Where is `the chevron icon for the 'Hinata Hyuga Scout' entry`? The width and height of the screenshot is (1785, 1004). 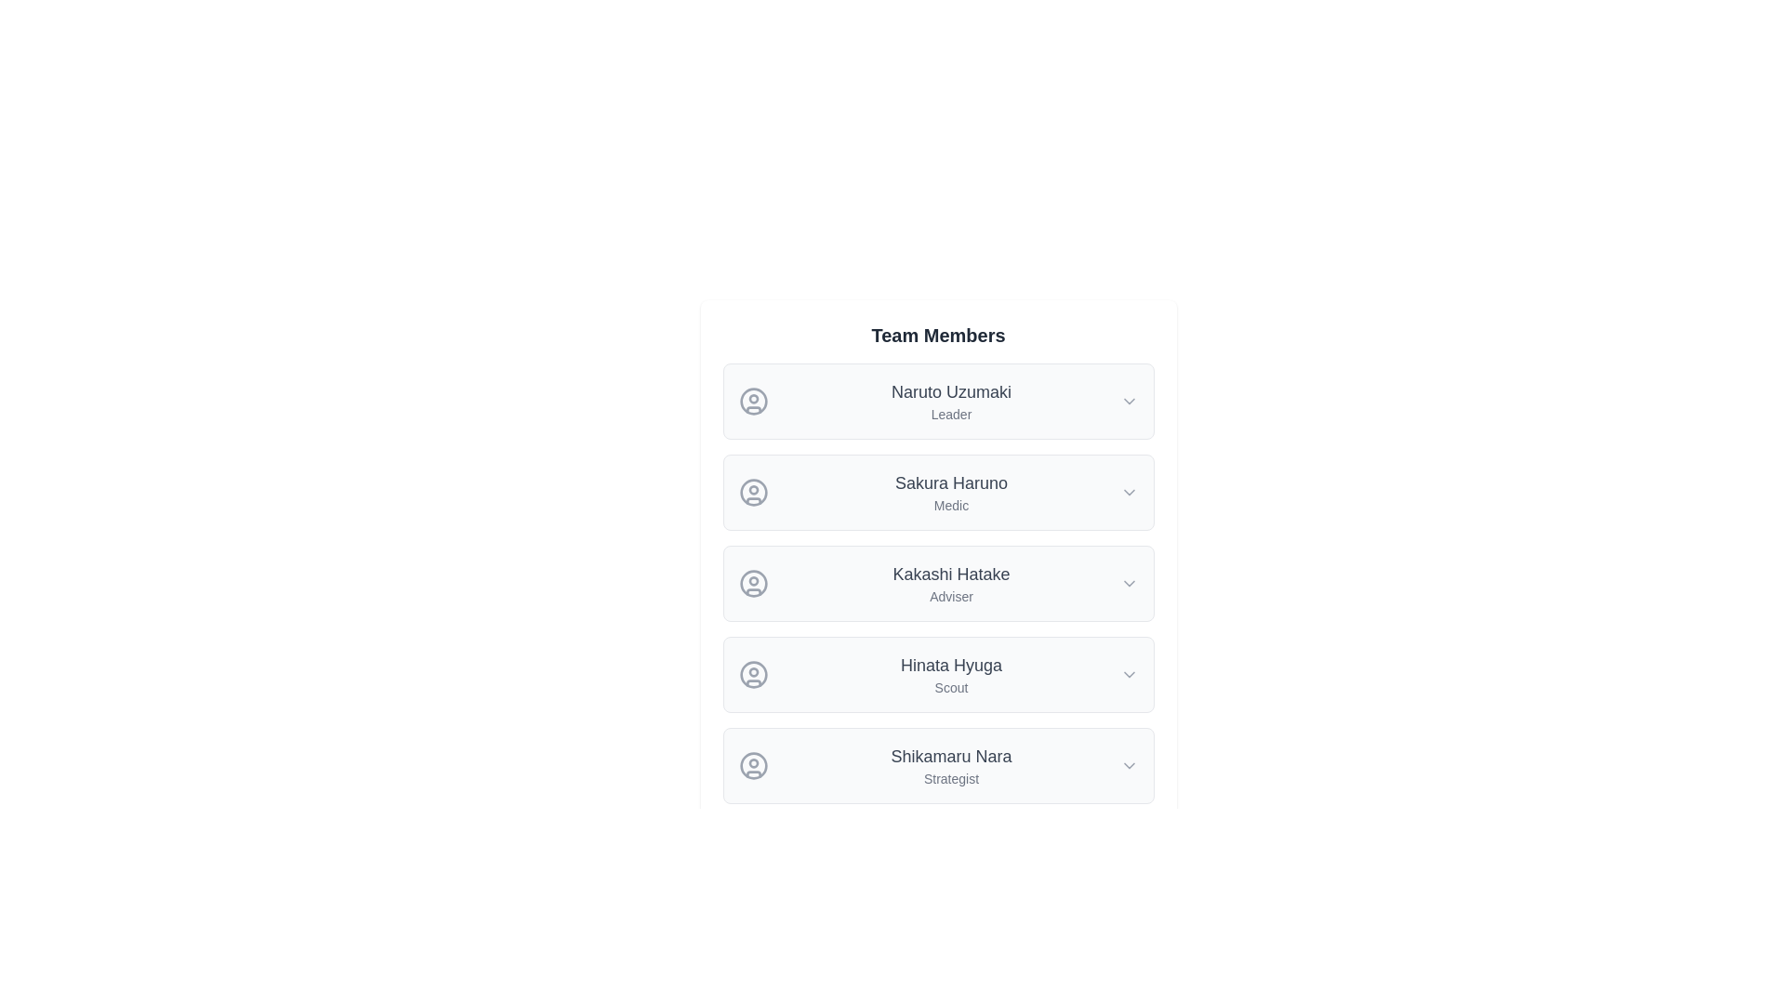
the chevron icon for the 'Hinata Hyuga Scout' entry is located at coordinates (1128, 674).